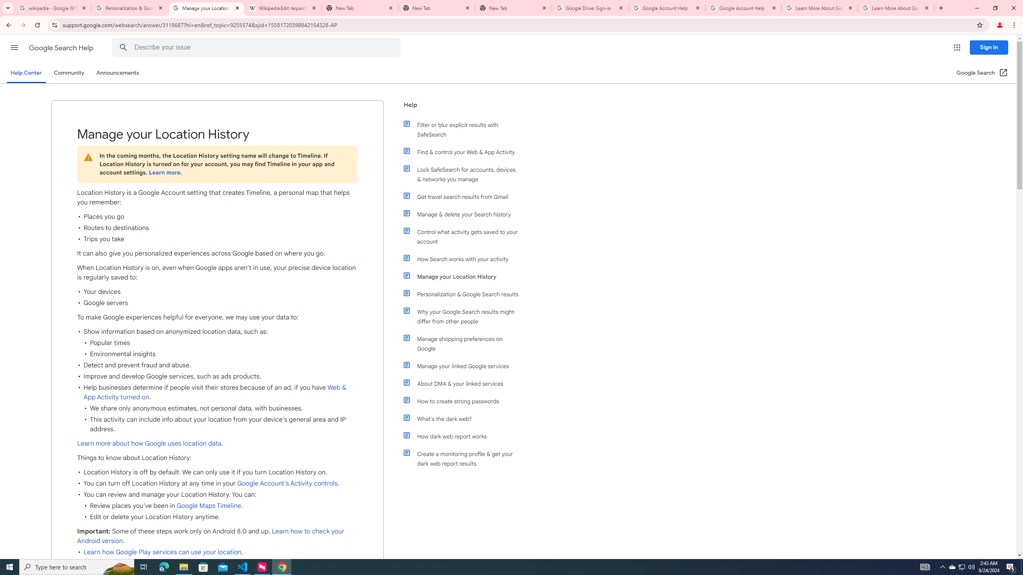  Describe the element at coordinates (208, 506) in the screenshot. I see `'Google Maps Timeline'` at that location.